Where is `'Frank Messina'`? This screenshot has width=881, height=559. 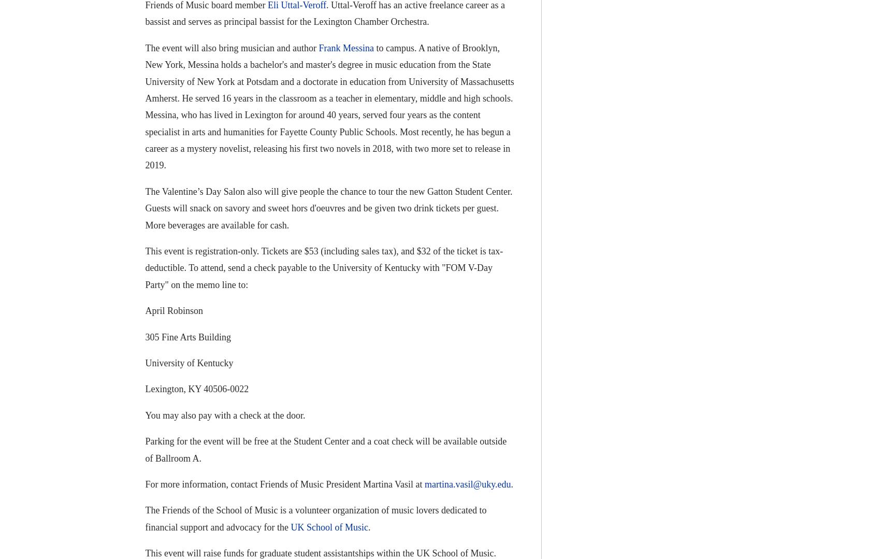
'Frank Messina' is located at coordinates (345, 48).